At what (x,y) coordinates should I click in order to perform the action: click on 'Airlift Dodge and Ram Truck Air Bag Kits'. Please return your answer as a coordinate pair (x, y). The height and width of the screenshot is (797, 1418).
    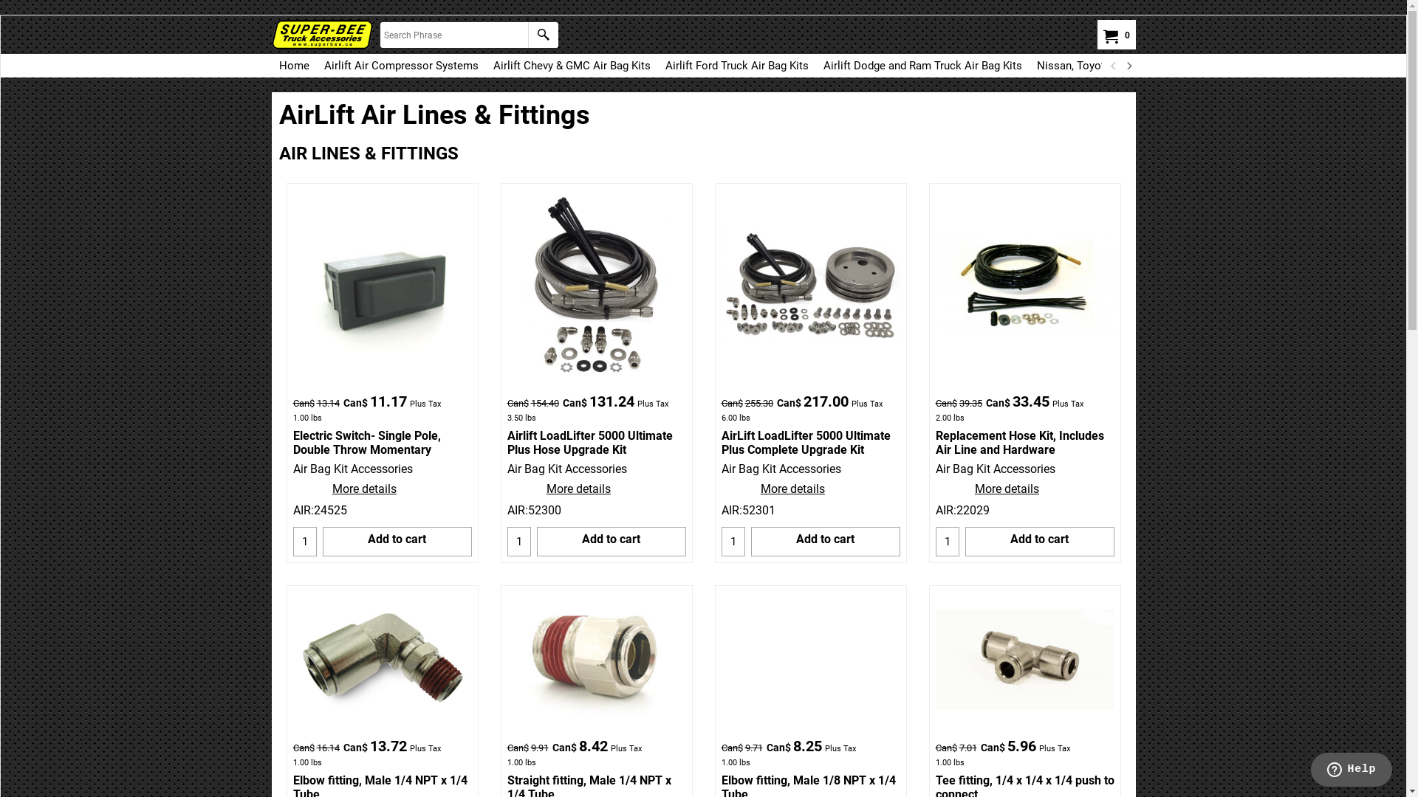
    Looking at the image, I should click on (921, 64).